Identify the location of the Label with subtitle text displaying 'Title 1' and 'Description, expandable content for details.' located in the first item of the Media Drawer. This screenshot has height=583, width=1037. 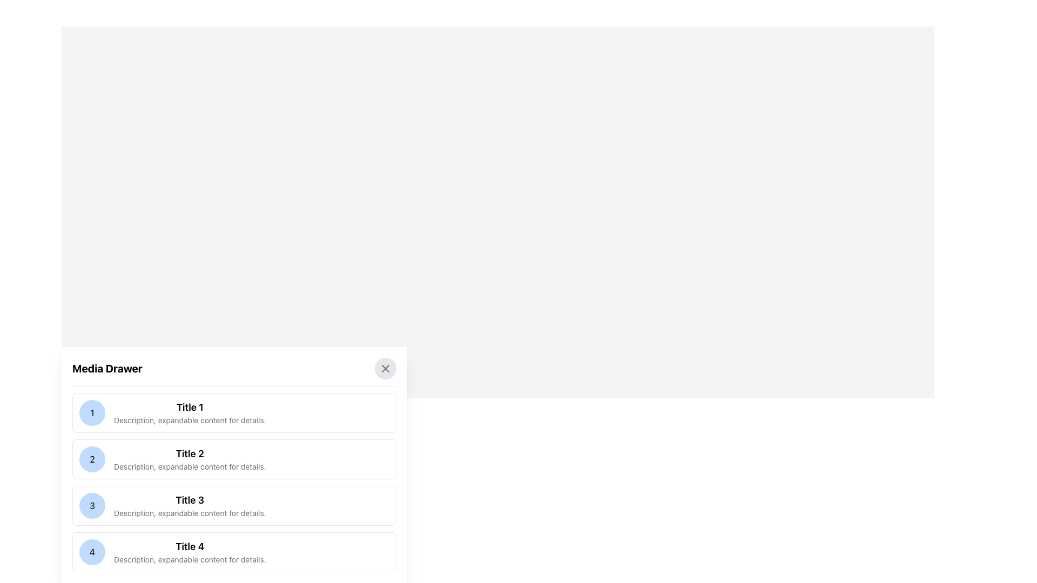
(190, 412).